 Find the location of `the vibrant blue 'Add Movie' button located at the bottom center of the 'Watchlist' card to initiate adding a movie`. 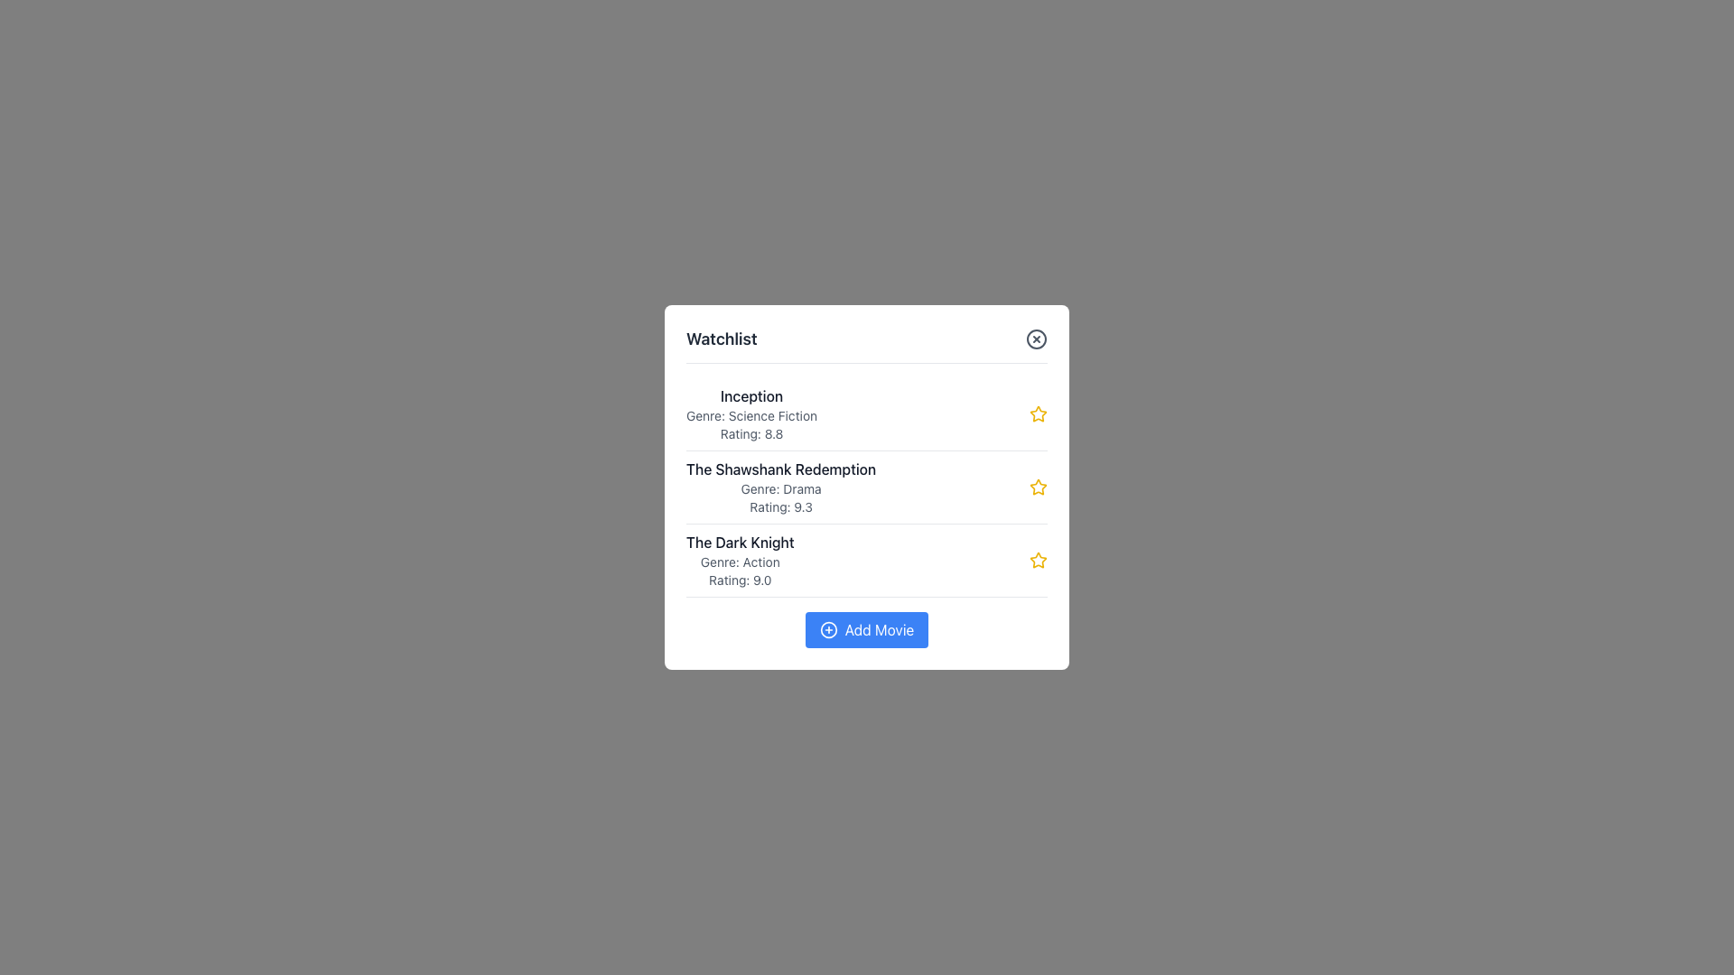

the vibrant blue 'Add Movie' button located at the bottom center of the 'Watchlist' card to initiate adding a movie is located at coordinates (867, 629).